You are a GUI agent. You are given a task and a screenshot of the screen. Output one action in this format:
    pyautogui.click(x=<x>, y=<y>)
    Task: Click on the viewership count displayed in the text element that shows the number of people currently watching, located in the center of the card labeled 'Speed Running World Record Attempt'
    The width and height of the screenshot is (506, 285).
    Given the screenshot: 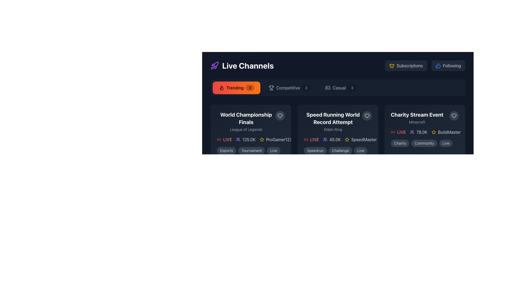 What is the action you would take?
    pyautogui.click(x=332, y=139)
    